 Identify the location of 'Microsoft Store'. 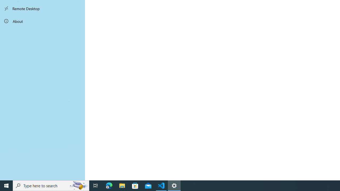
(135, 185).